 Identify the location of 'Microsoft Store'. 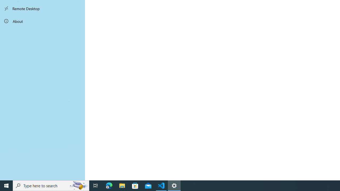
(135, 185).